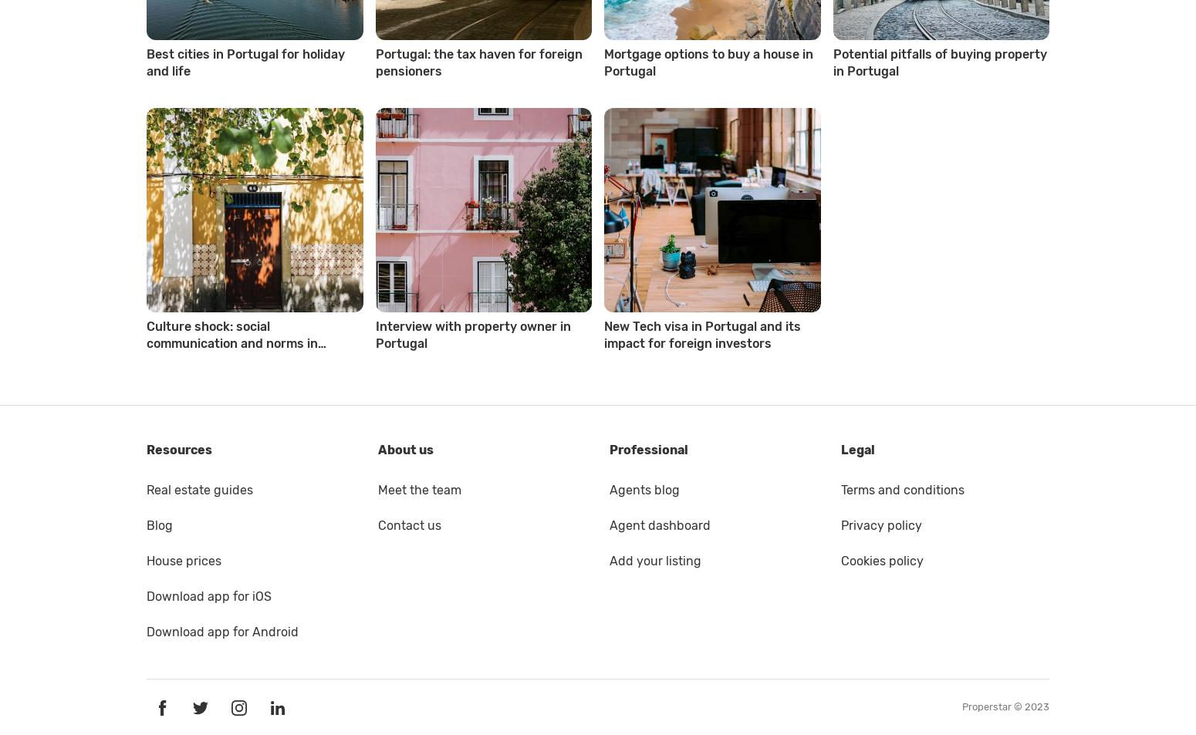  Describe the element at coordinates (245, 61) in the screenshot. I see `'Best cities in Portugal for holiday and life'` at that location.